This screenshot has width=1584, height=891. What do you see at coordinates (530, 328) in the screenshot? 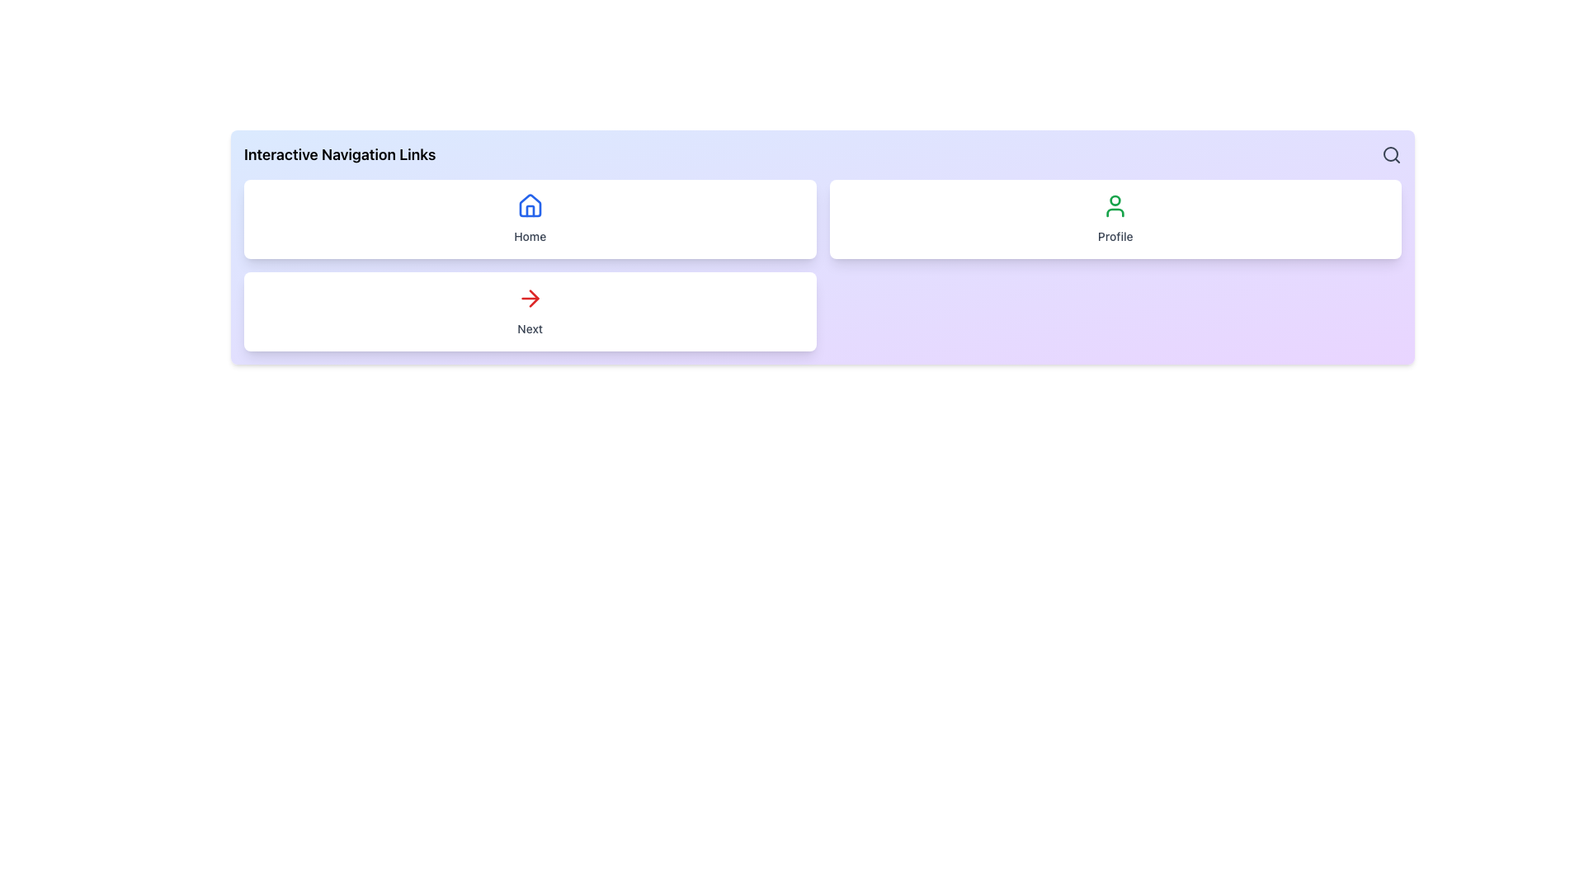
I see `the text content of the 'Next' label, which is a small gray text element located at the bottom of a white rectangular block with rounded corners` at bounding box center [530, 328].